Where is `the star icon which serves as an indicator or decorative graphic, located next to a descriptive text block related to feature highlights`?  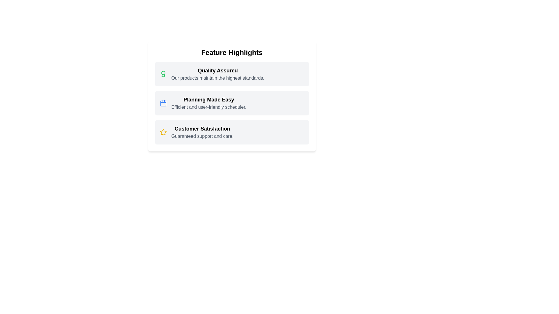
the star icon which serves as an indicator or decorative graphic, located next to a descriptive text block related to feature highlights is located at coordinates (163, 132).